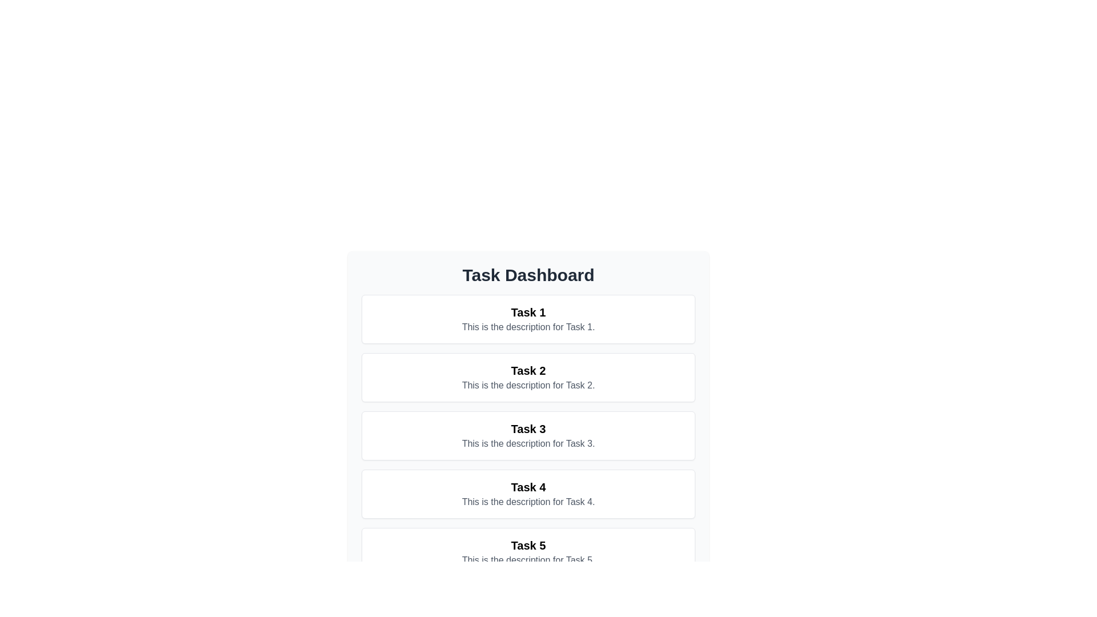 The width and height of the screenshot is (1097, 617). Describe the element at coordinates (528, 443) in the screenshot. I see `on the text element that provides a detailed description for Task 3, located beneath the bolded title 'Task 3'` at that location.